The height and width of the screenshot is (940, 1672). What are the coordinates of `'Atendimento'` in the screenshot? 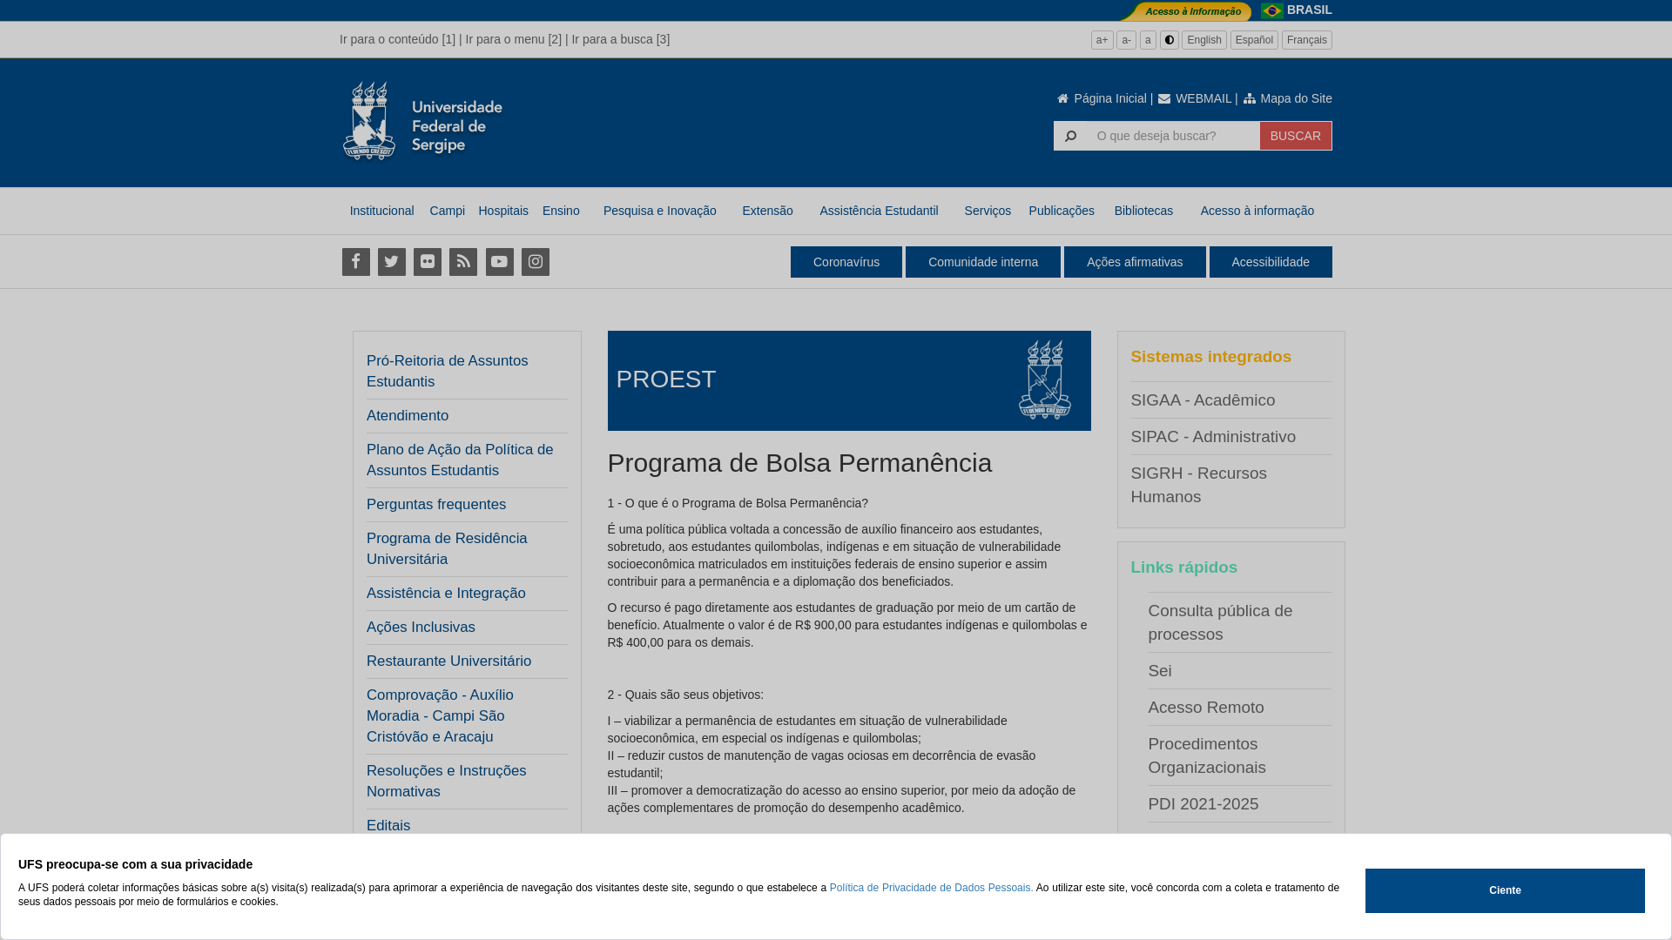 It's located at (407, 416).